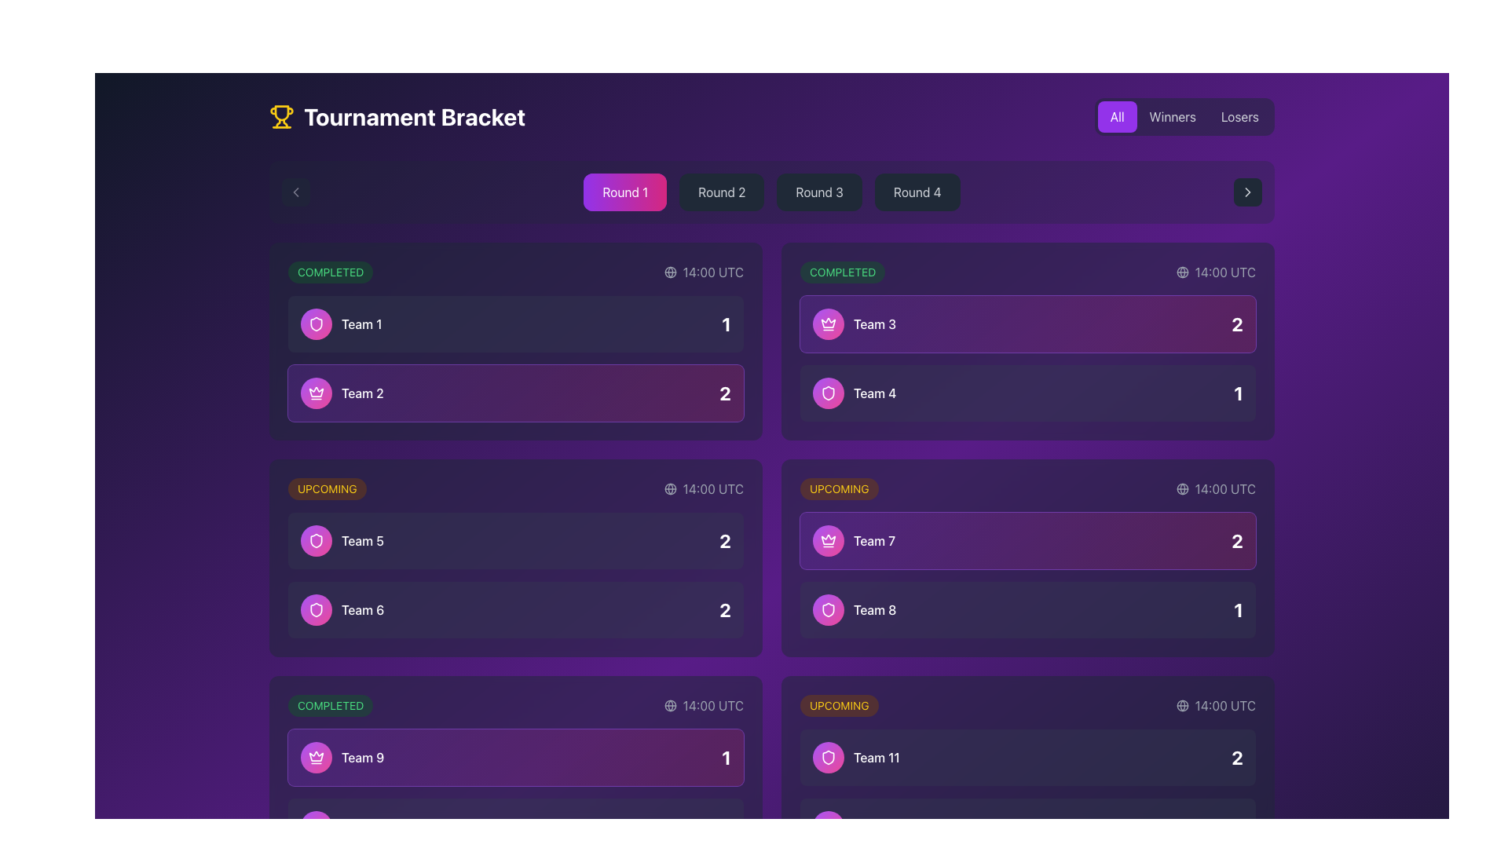  I want to click on keyboard navigation, so click(1184, 116).